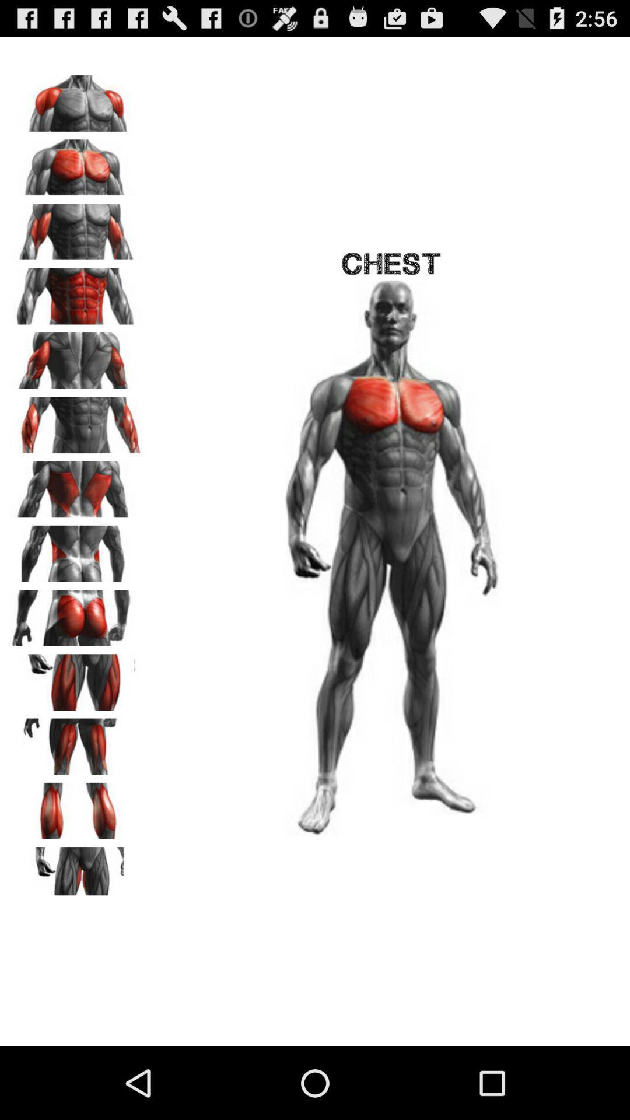 The image size is (630, 1120). What do you see at coordinates (76, 742) in the screenshot?
I see `hamstring muscles option` at bounding box center [76, 742].